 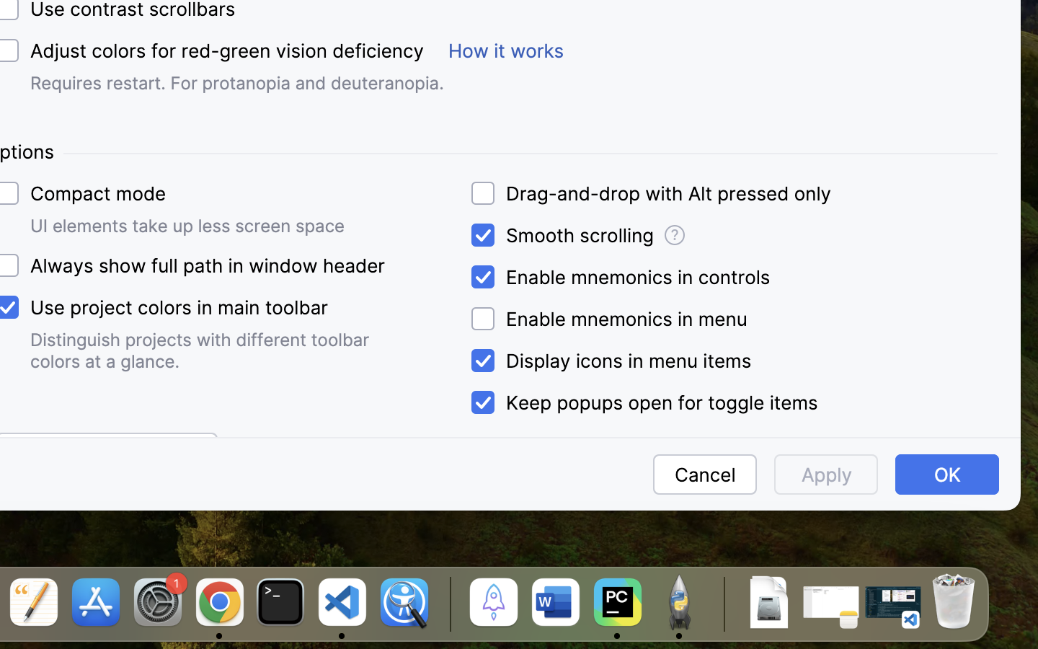 What do you see at coordinates (187, 225) in the screenshot?
I see `'UI elements take up less screen space'` at bounding box center [187, 225].